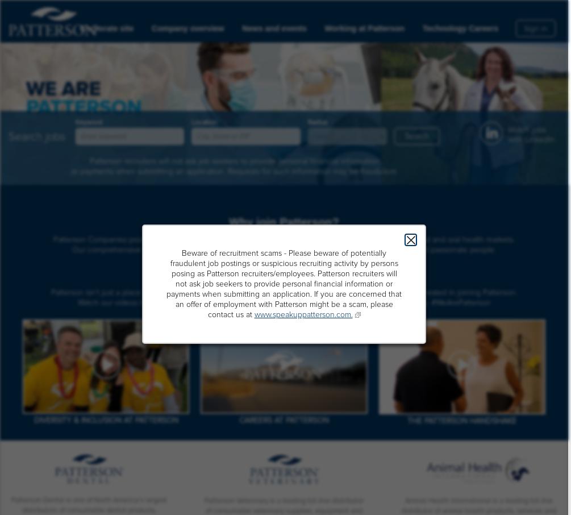 The image size is (571, 515). I want to click on 'Beware of recruitment scams - Please beware of potentially fraudulent job postings or suspicious recruiting activity by persons posing as Patterson recruiters/employees. Patterson recruiters will not ask job seekers to provide personal financial information or payments when submitting an application. If you are concerned that an offer of employment with Patterson might be a scam, please contact us at', so click(165, 284).